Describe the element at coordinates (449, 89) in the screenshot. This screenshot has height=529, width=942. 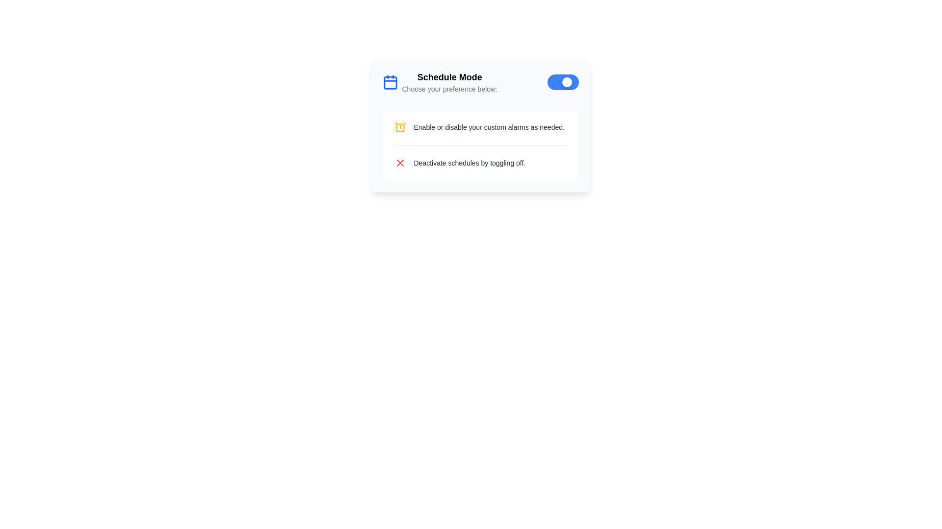
I see `the static text displaying 'Choose your preference below:' which is styled in gray and appears beneath the heading 'Schedule Mode'` at that location.